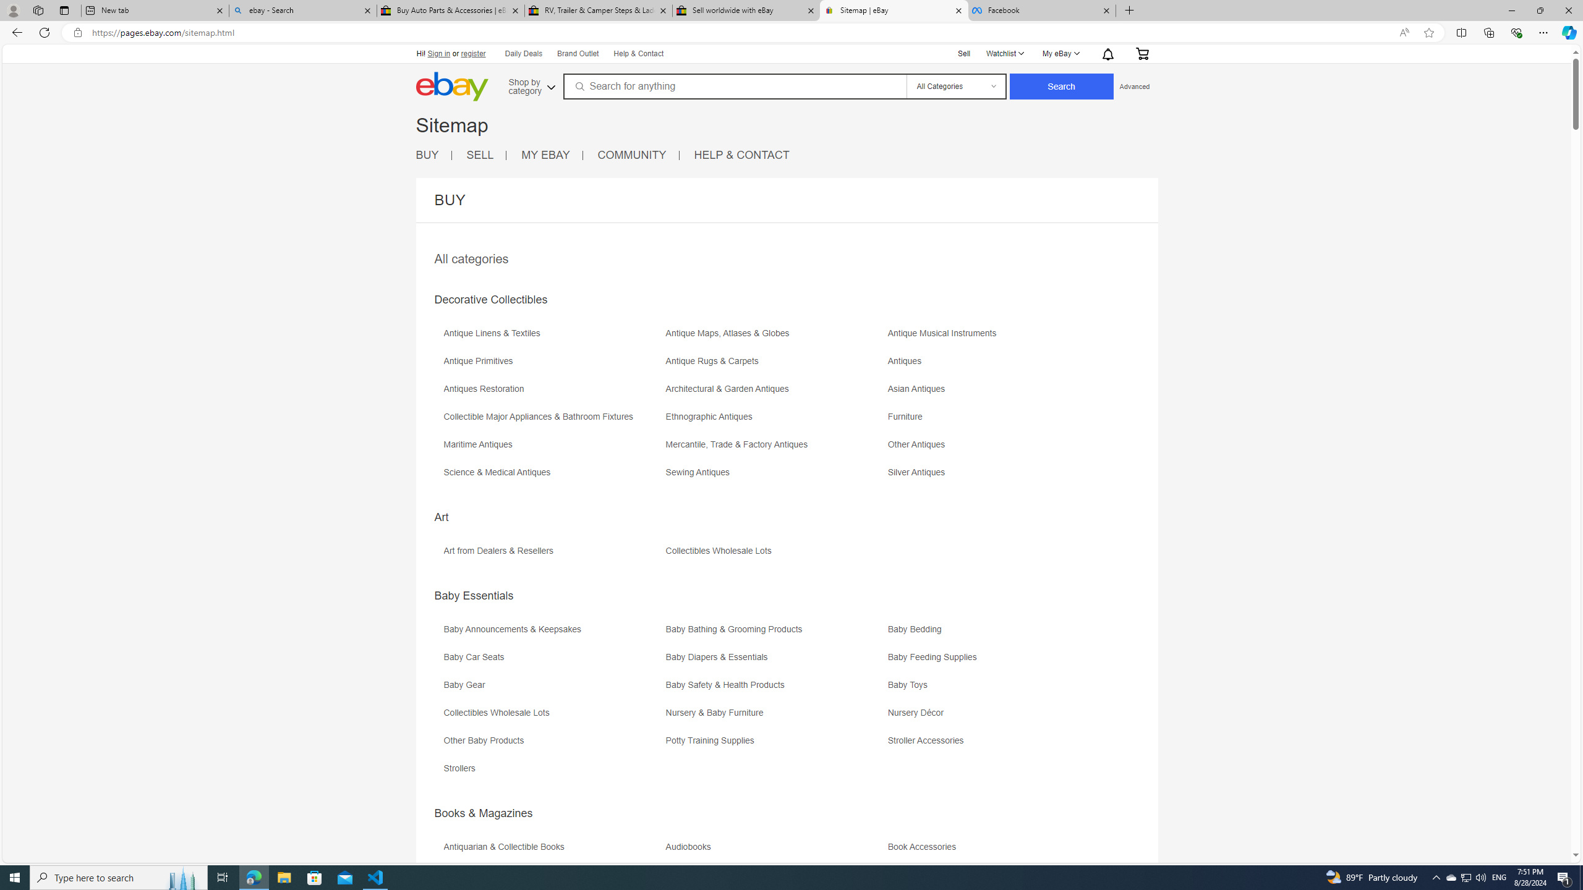 This screenshot has height=890, width=1583. What do you see at coordinates (552, 772) in the screenshot?
I see `'Strollers'` at bounding box center [552, 772].